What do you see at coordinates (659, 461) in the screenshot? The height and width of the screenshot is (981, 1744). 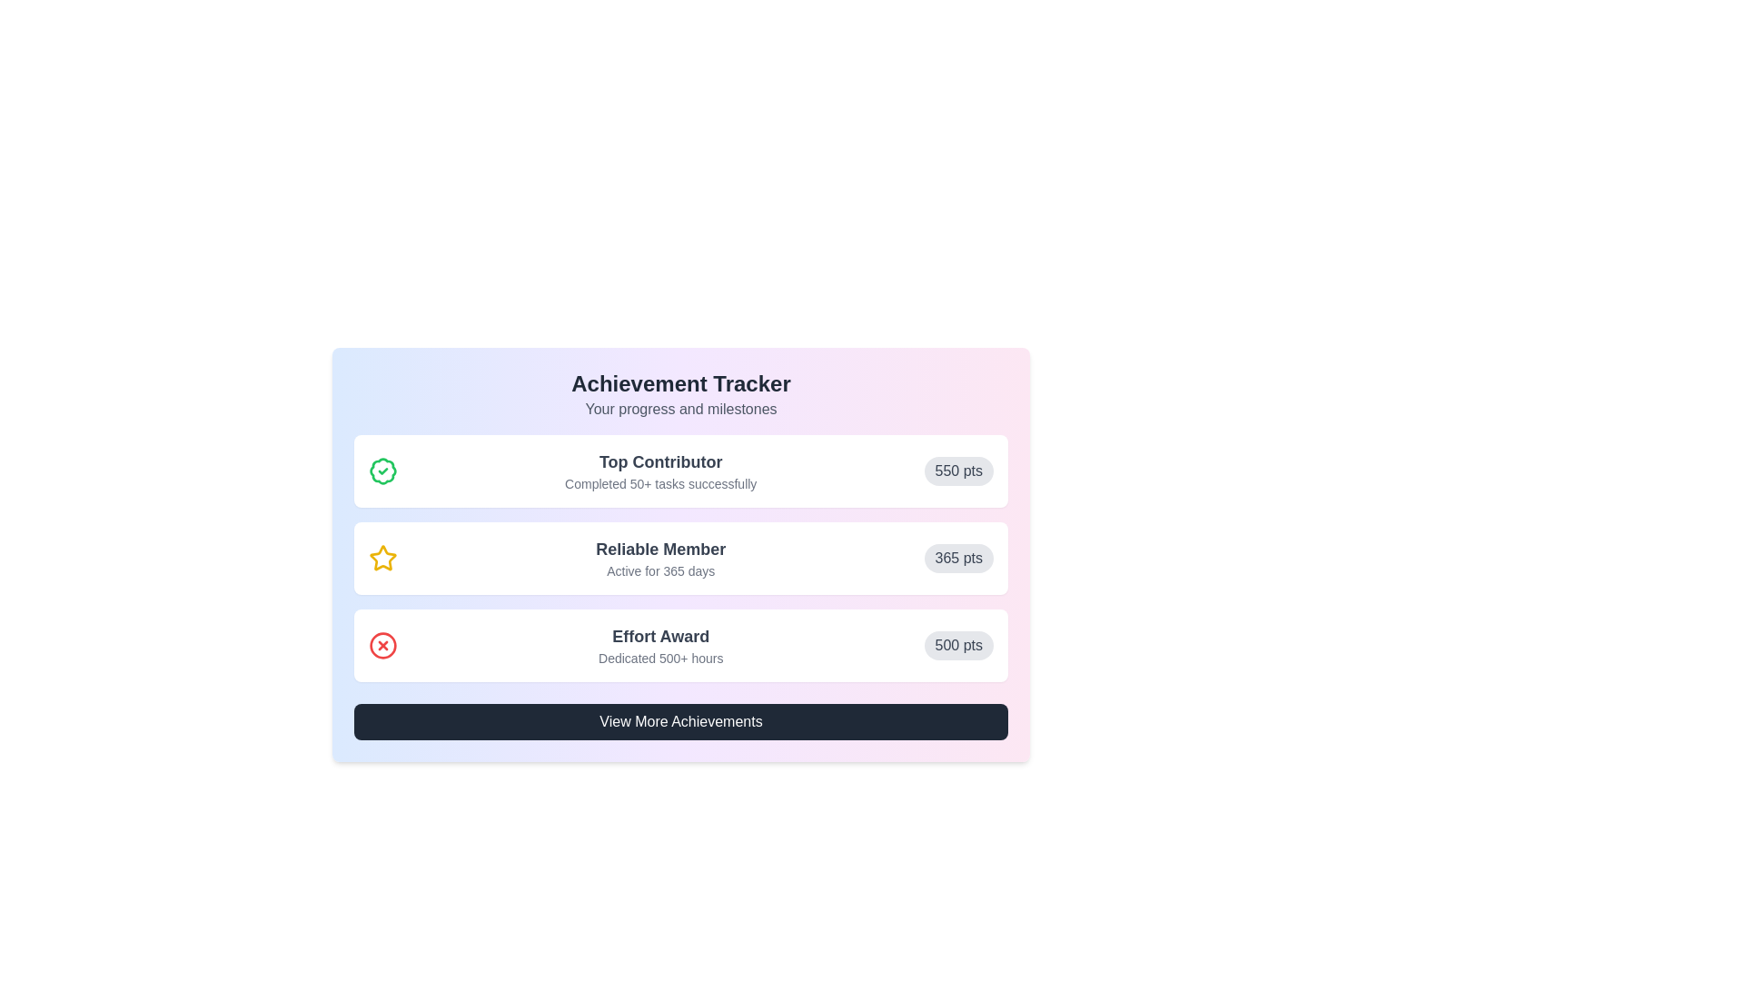 I see `text content of the 'Top Contributor' label, which is styled in bold, larger dark gray font and located above the description of the first achievement entry` at bounding box center [659, 461].